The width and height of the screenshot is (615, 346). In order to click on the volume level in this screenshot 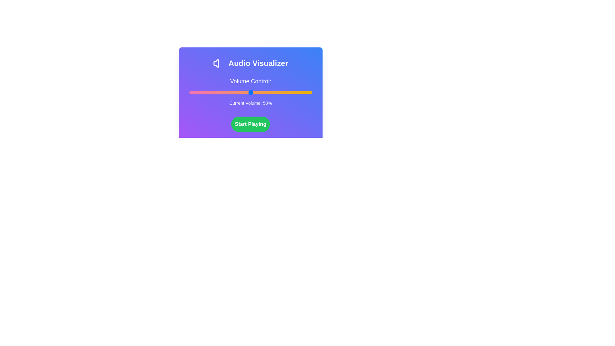, I will do `click(292, 93)`.